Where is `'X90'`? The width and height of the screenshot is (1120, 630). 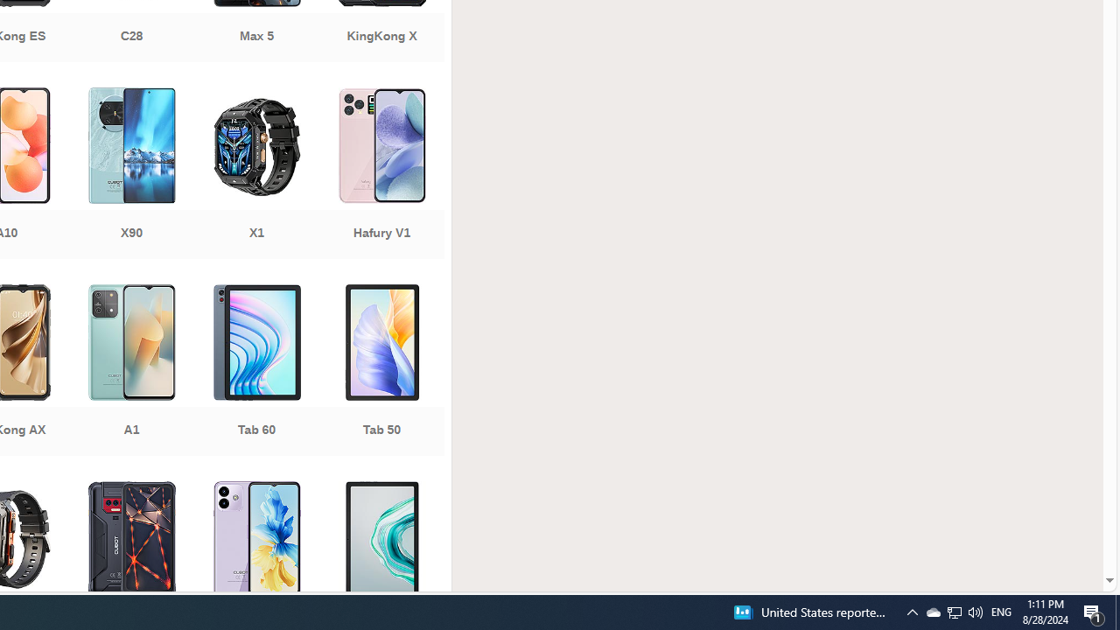 'X90' is located at coordinates (130, 175).